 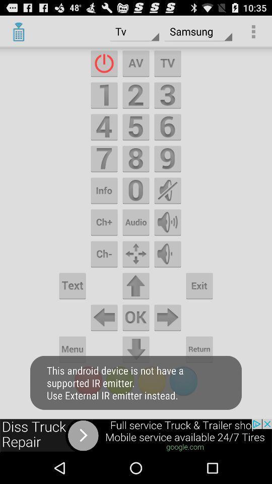 I want to click on the arrow_backward icon, so click(x=103, y=340).